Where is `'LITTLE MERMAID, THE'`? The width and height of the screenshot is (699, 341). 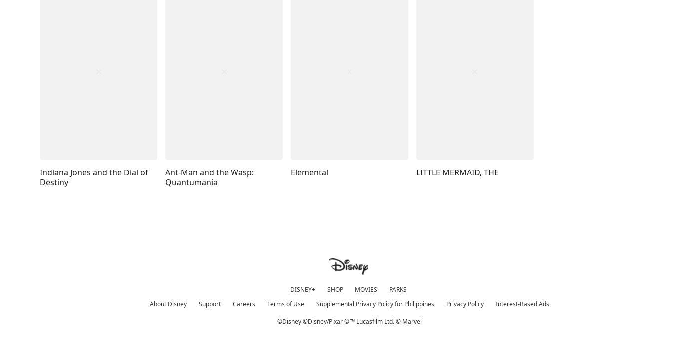 'LITTLE MERMAID, THE' is located at coordinates (457, 171).